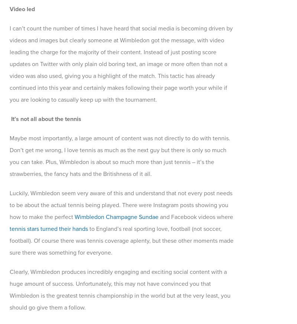 The image size is (297, 324). I want to click on 'Video led', so click(22, 9).